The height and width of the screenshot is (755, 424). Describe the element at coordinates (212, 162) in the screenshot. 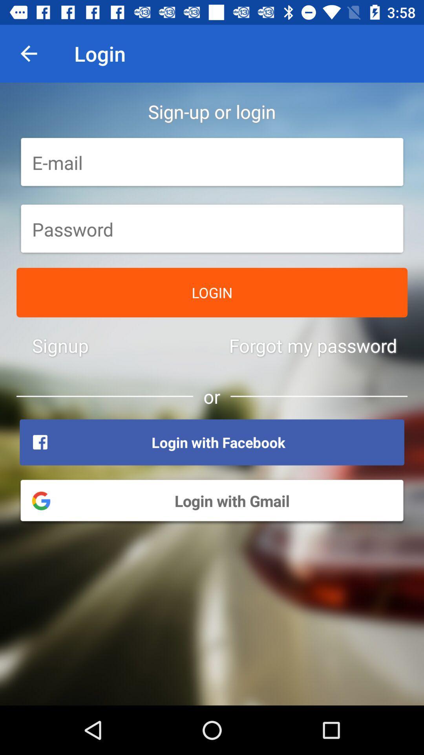

I see `the icon below the sign up or icon` at that location.